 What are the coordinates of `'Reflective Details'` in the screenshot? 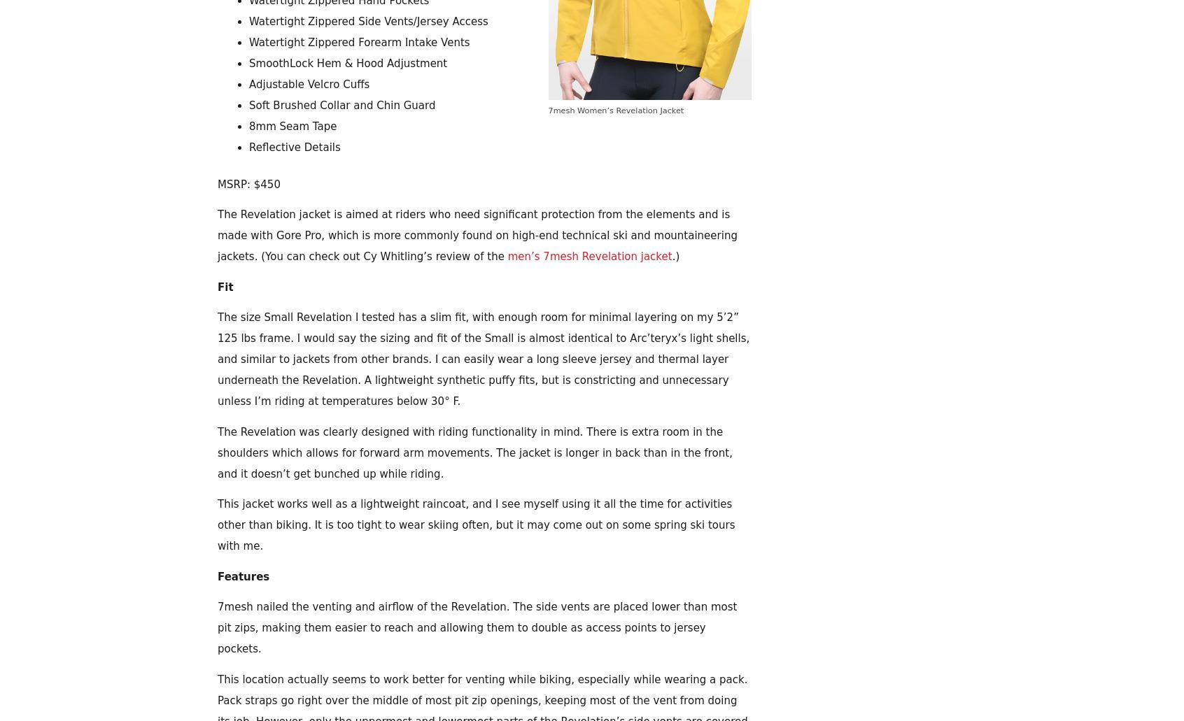 It's located at (248, 148).